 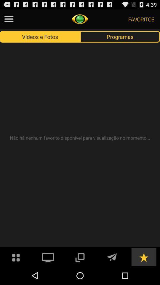 What do you see at coordinates (112, 256) in the screenshot?
I see `send` at bounding box center [112, 256].